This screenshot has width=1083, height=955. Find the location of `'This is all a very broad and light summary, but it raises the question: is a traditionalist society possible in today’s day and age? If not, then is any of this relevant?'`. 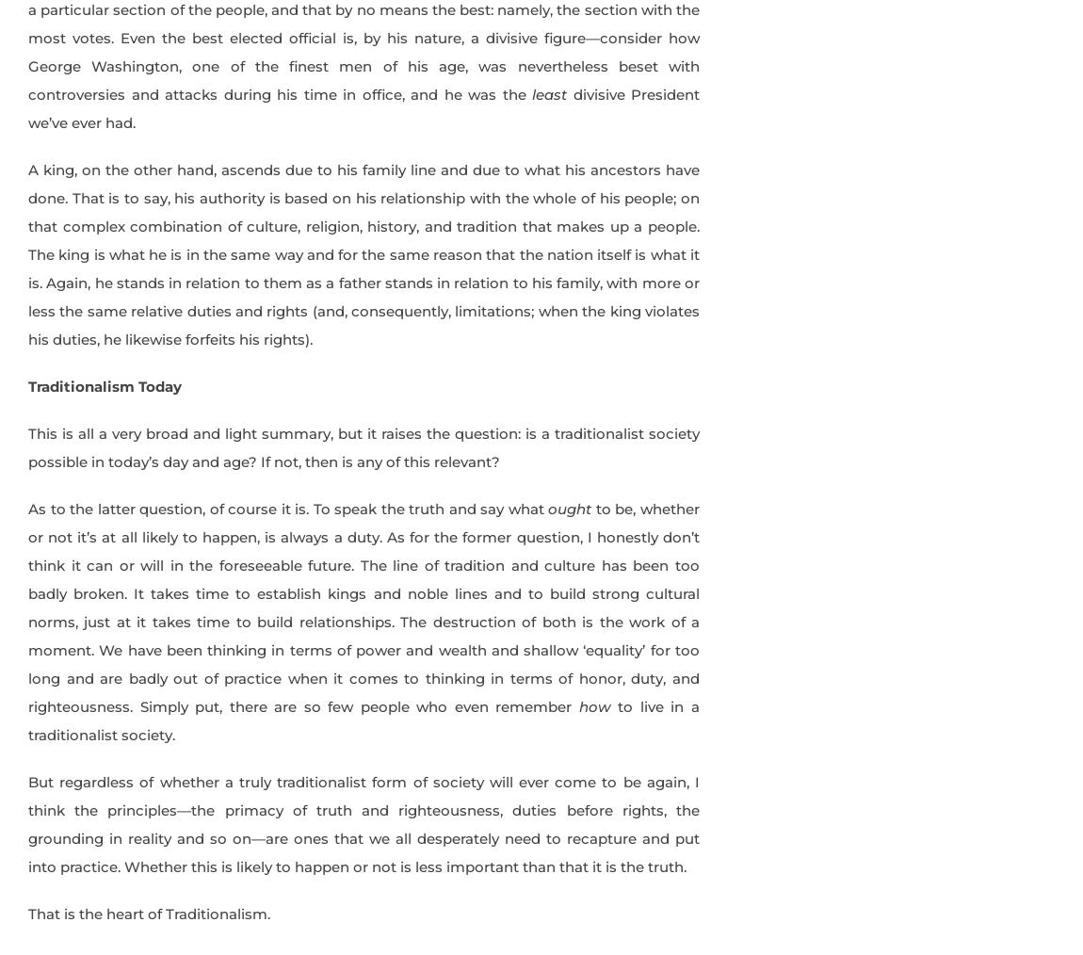

'This is all a very broad and light summary, but it raises the question: is a traditionalist society possible in today’s day and age? If not, then is any of this relevant?' is located at coordinates (364, 446).